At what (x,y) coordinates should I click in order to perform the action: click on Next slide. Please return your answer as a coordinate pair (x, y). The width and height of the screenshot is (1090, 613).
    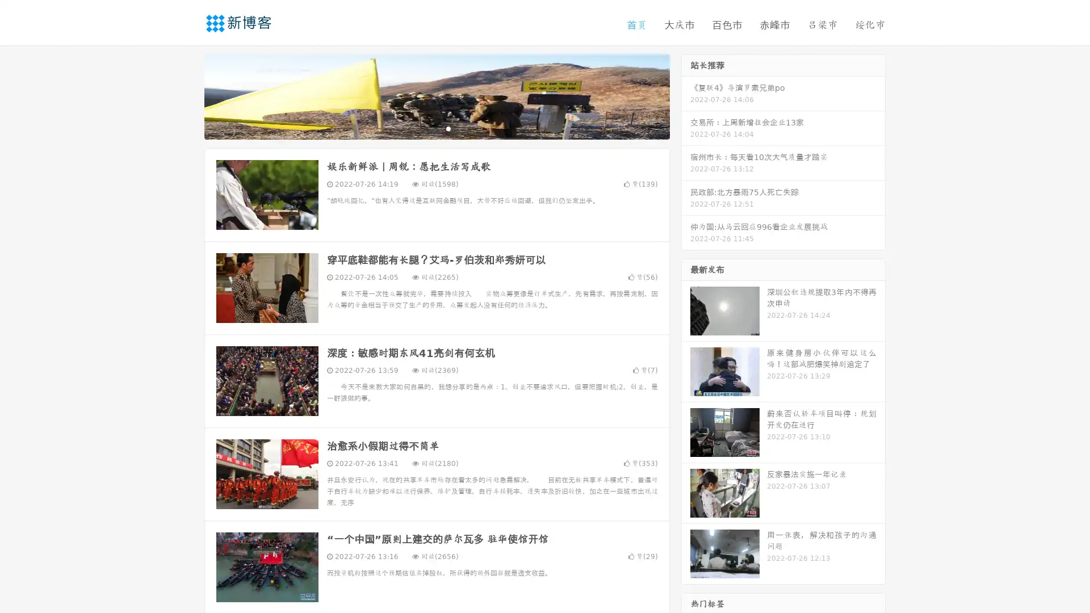
    Looking at the image, I should click on (686, 95).